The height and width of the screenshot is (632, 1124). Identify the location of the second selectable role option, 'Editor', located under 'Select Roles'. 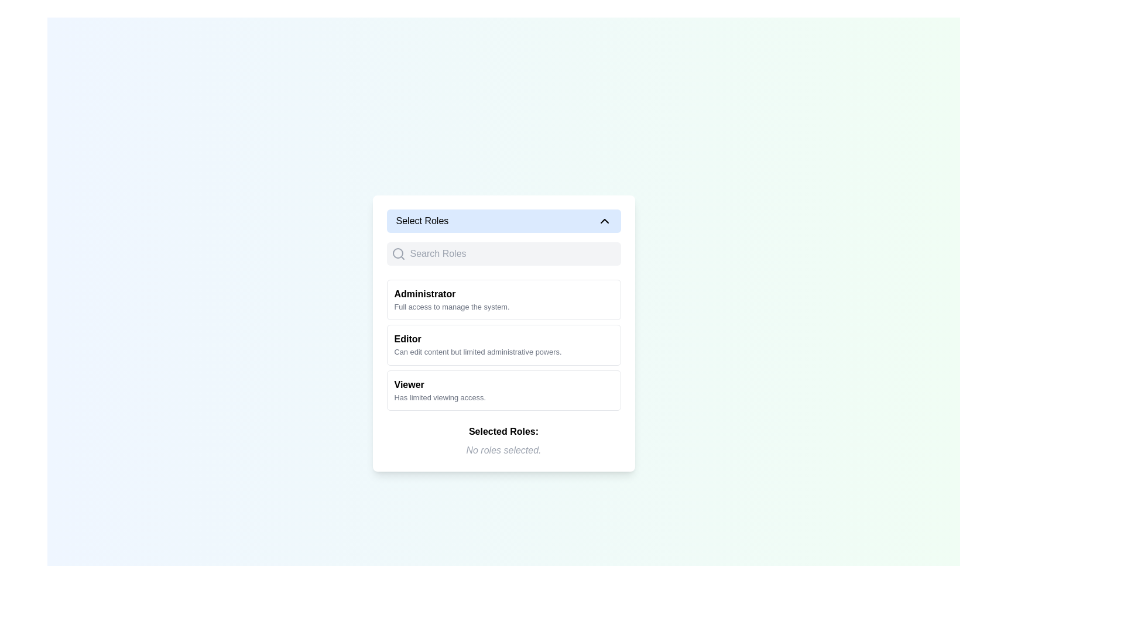
(503, 345).